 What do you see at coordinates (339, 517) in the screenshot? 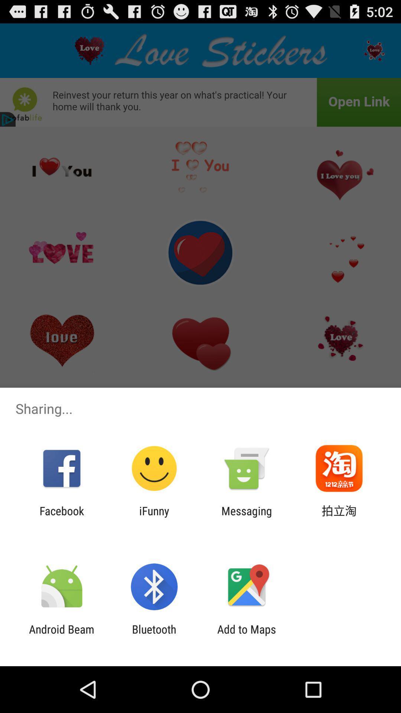
I see `the app to the right of the messaging` at bounding box center [339, 517].